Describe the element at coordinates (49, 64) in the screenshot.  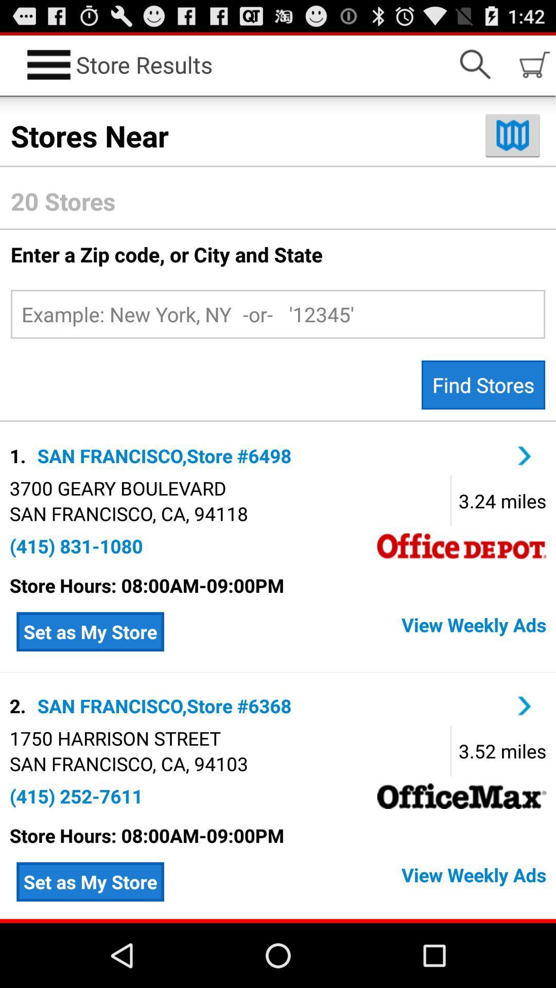
I see `the icon left to store results` at that location.